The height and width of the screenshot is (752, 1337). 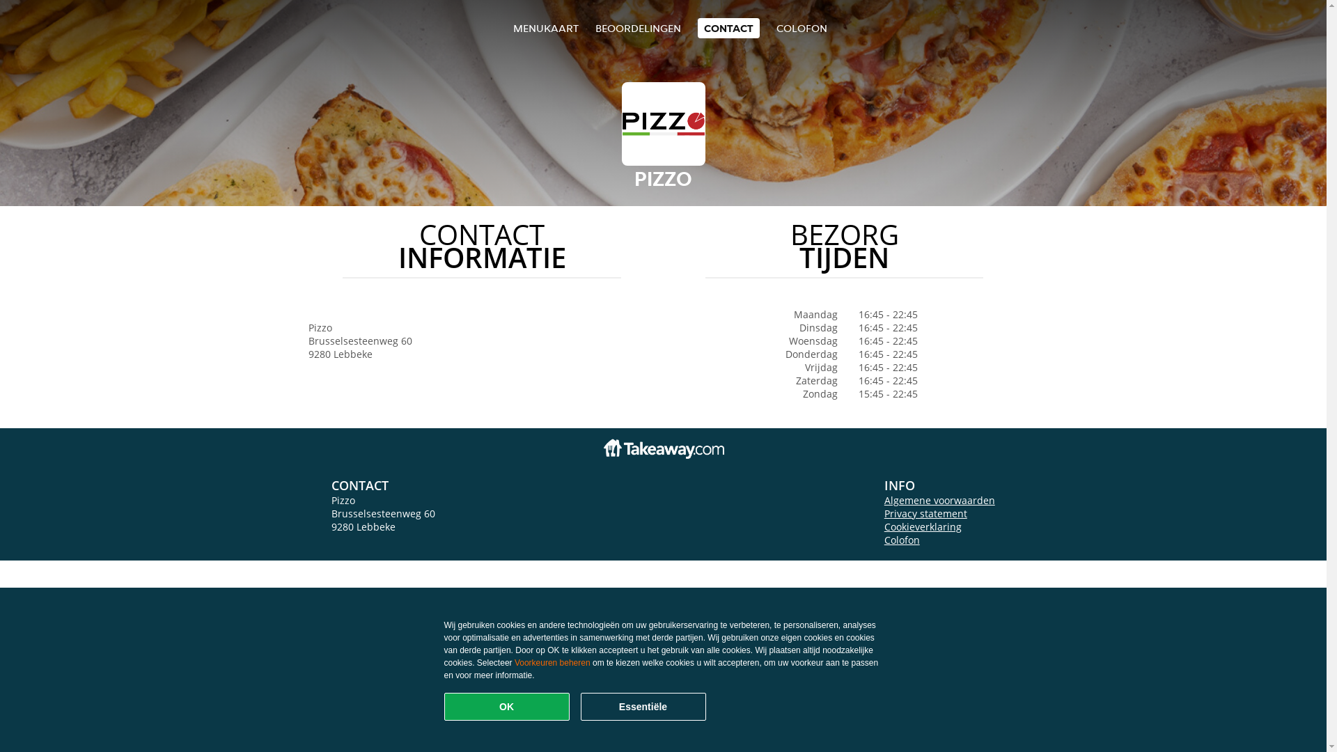 I want to click on 'Cookieverklaring', so click(x=923, y=526).